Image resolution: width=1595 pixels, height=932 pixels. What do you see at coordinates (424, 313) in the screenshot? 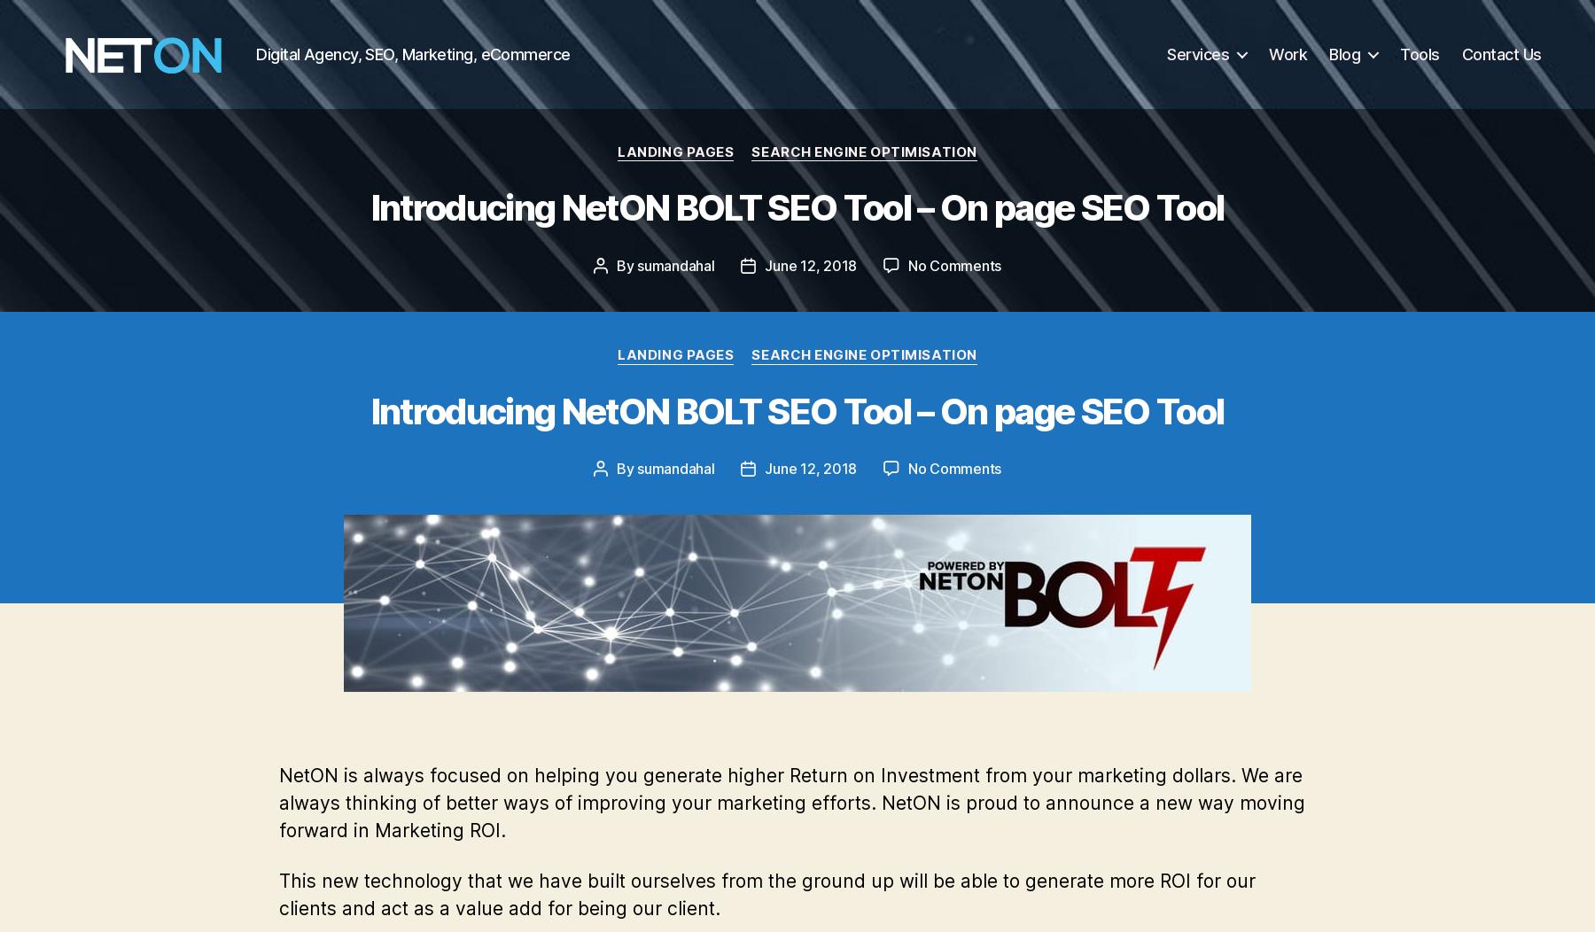
I see `'Checking of title tags in page'` at bounding box center [424, 313].